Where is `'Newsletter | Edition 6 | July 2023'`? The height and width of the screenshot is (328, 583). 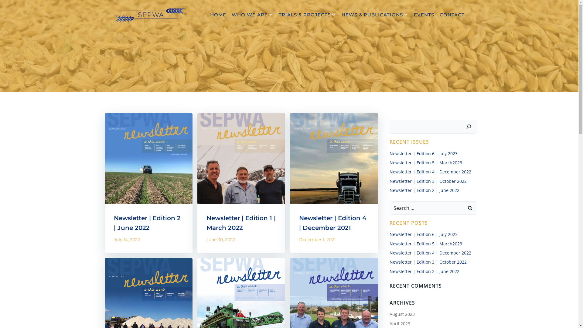
'Newsletter | Edition 6 | July 2023' is located at coordinates (423, 153).